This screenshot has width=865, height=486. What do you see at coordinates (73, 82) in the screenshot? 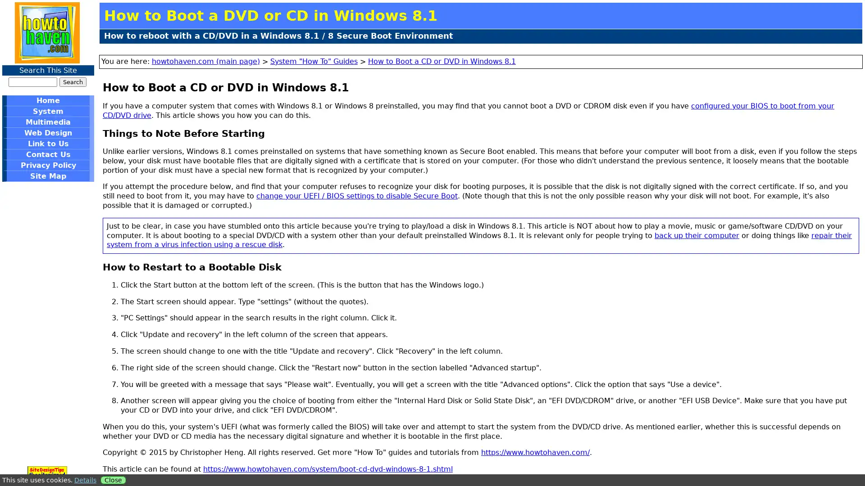
I see `Search` at bounding box center [73, 82].